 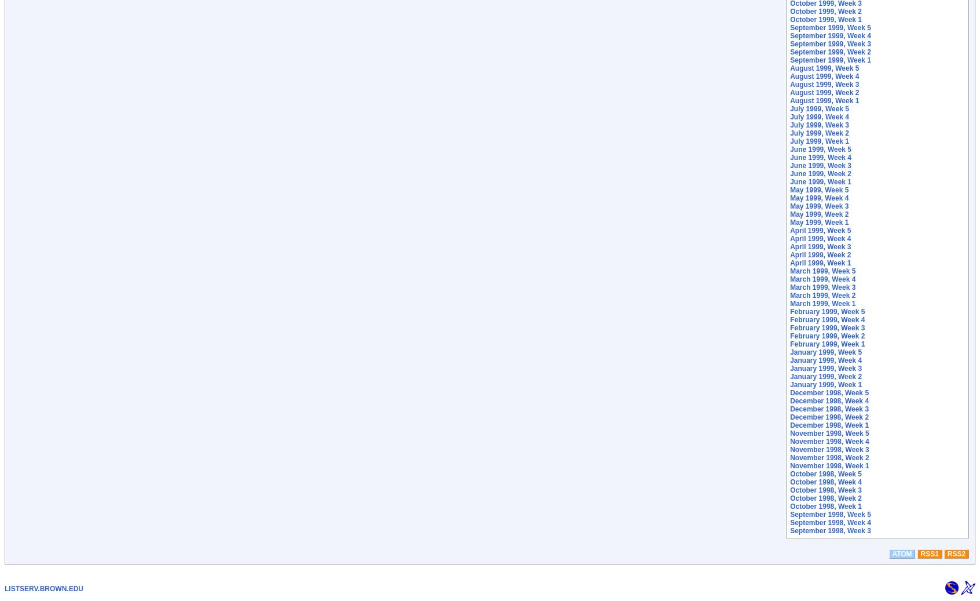 I want to click on 'November 1998, Week 1', so click(x=789, y=465).